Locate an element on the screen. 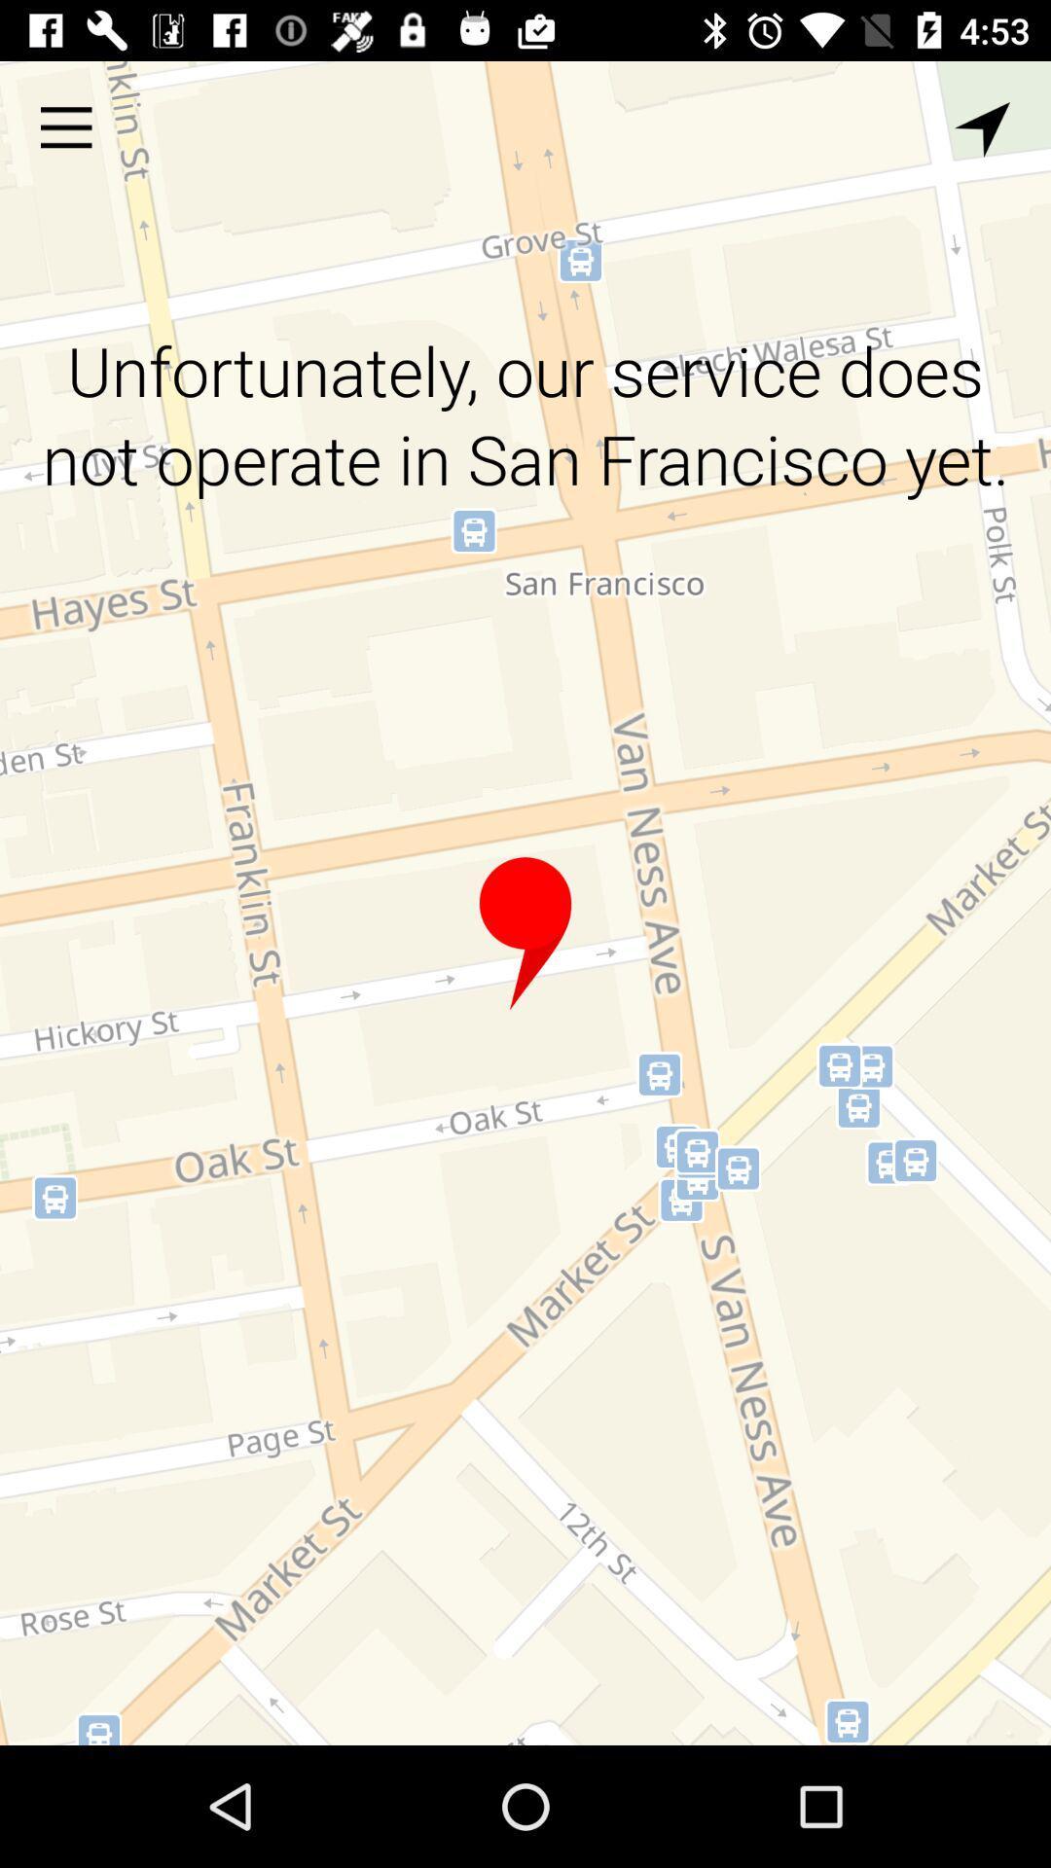 The width and height of the screenshot is (1051, 1868). icon above unfortunately our service is located at coordinates (982, 128).